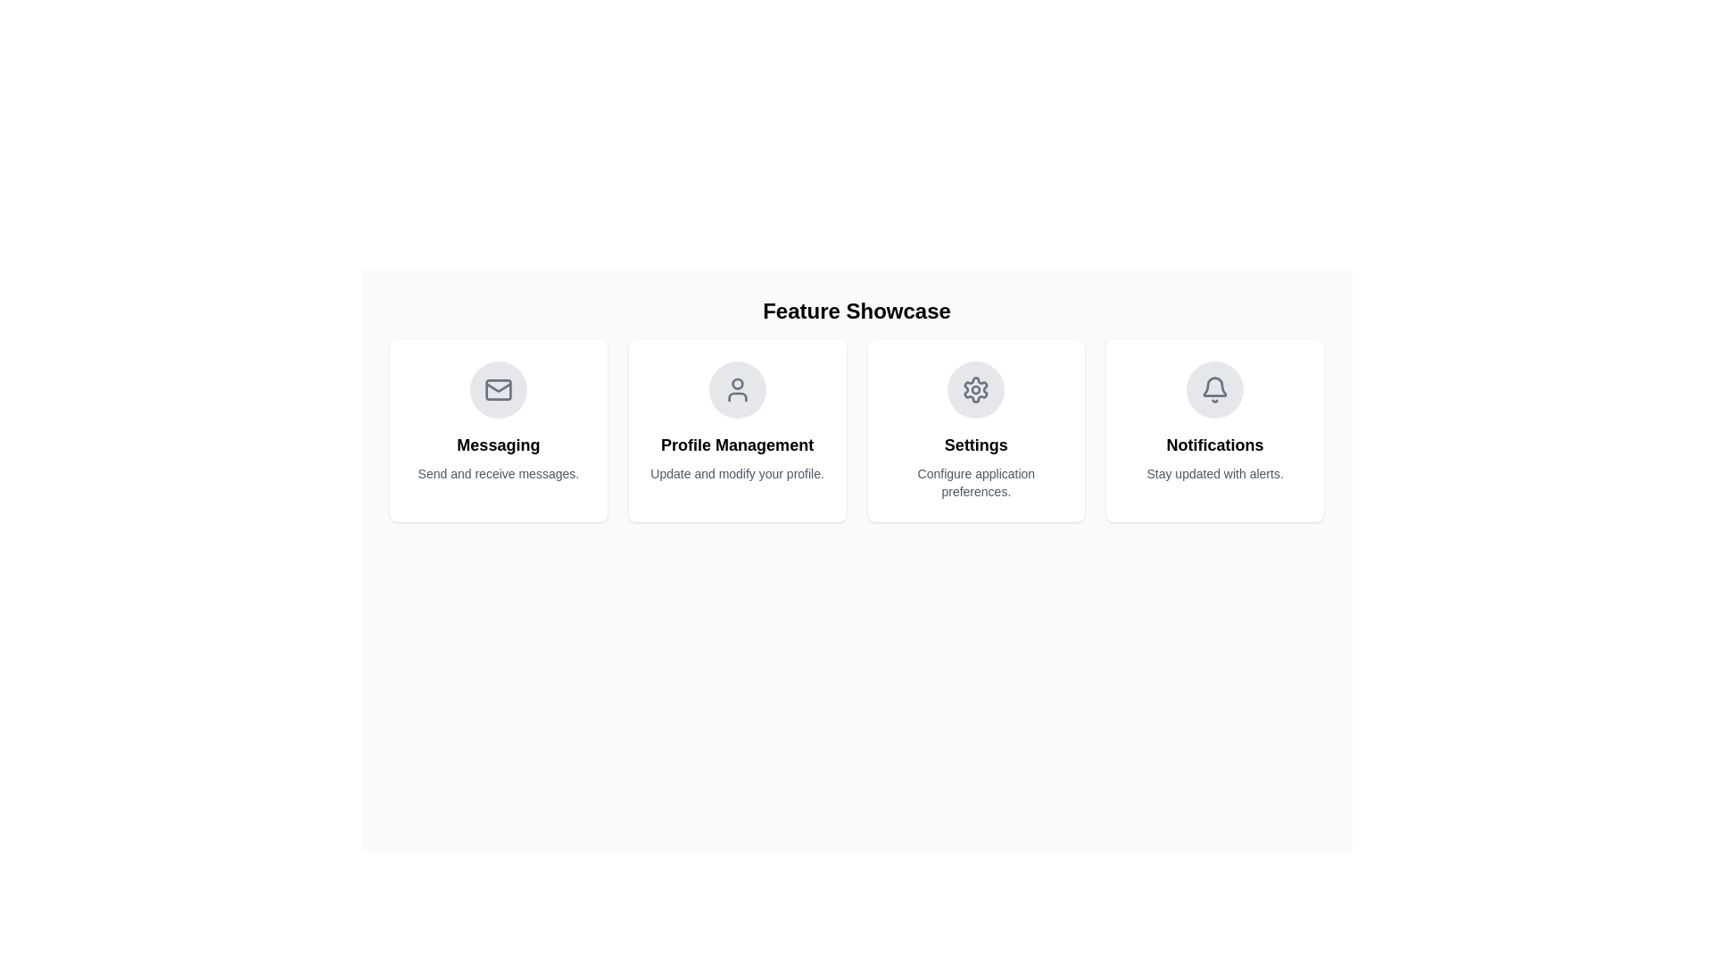 This screenshot has height=964, width=1713. What do you see at coordinates (498, 388) in the screenshot?
I see `the rectangular shape with rounded corners styled in gray, which is centrally embedded within the envelope icon in the Messaging section` at bounding box center [498, 388].